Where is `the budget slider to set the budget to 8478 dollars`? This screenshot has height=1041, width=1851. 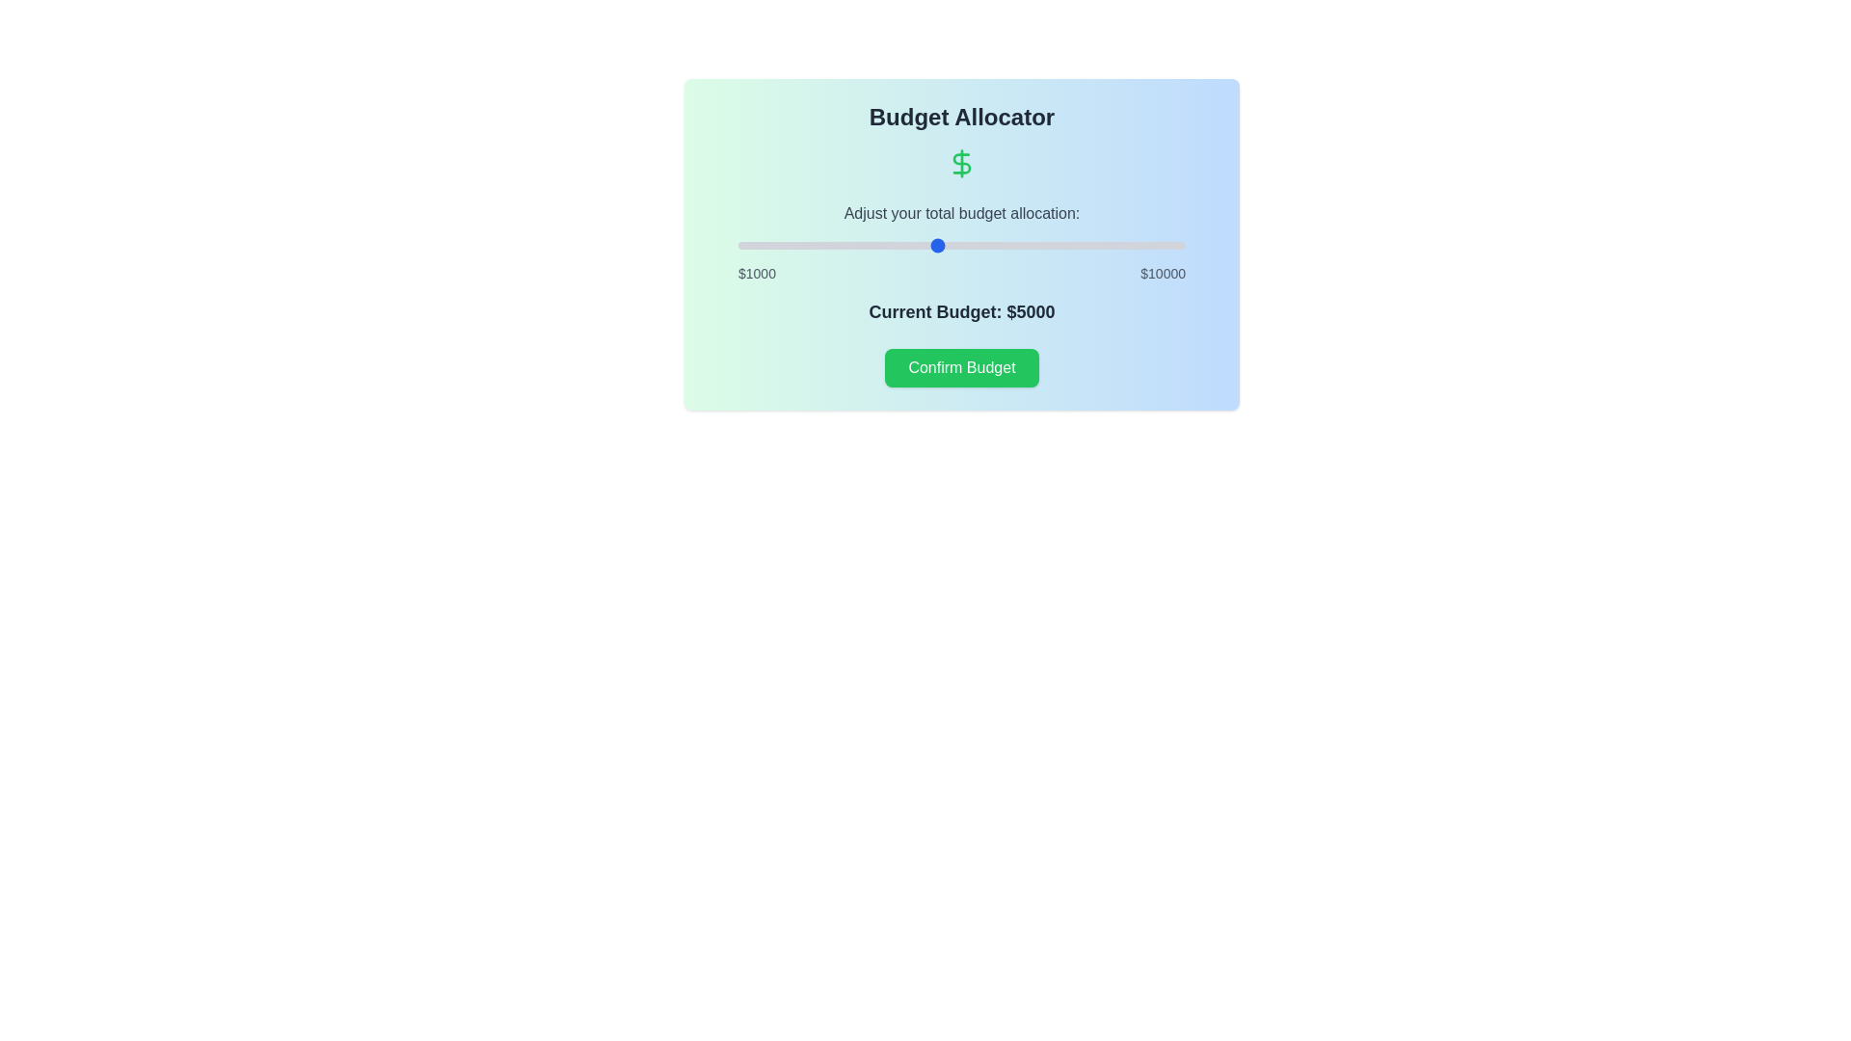
the budget slider to set the budget to 8478 dollars is located at coordinates (1110, 244).